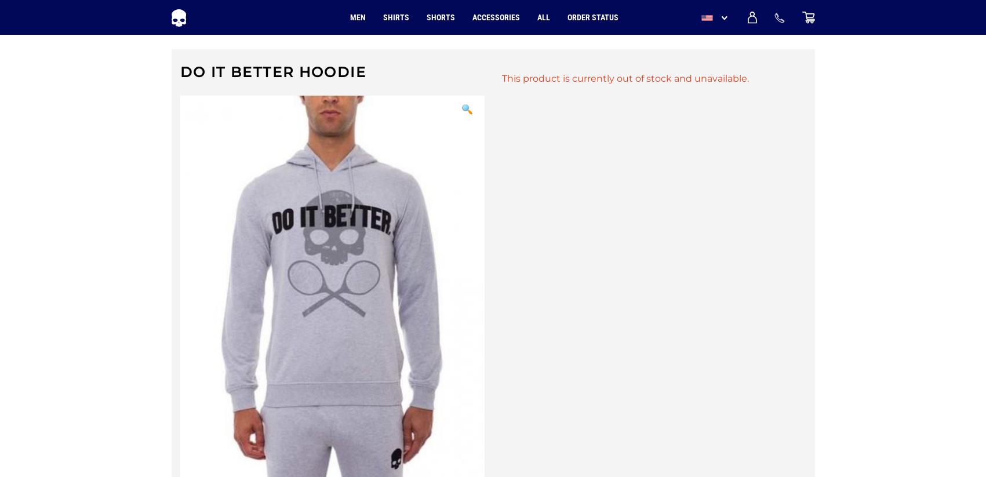  What do you see at coordinates (272, 72) in the screenshot?
I see `'Do It Better Hoodie'` at bounding box center [272, 72].